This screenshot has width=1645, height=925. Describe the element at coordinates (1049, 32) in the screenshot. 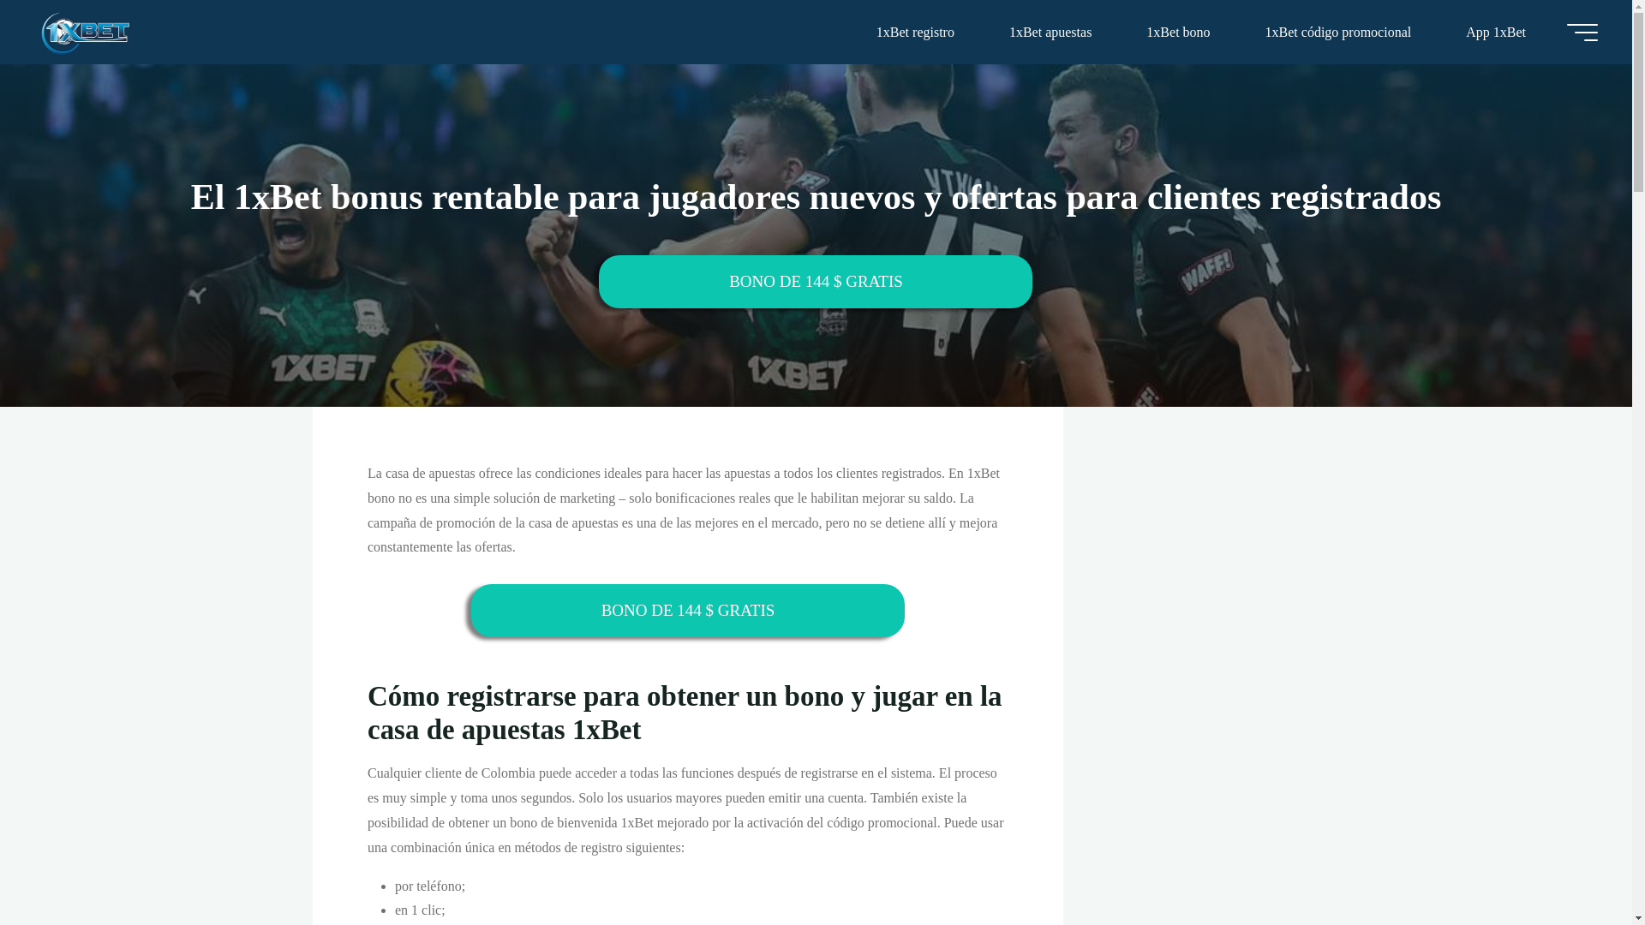

I see `'1xBet apuestas'` at that location.